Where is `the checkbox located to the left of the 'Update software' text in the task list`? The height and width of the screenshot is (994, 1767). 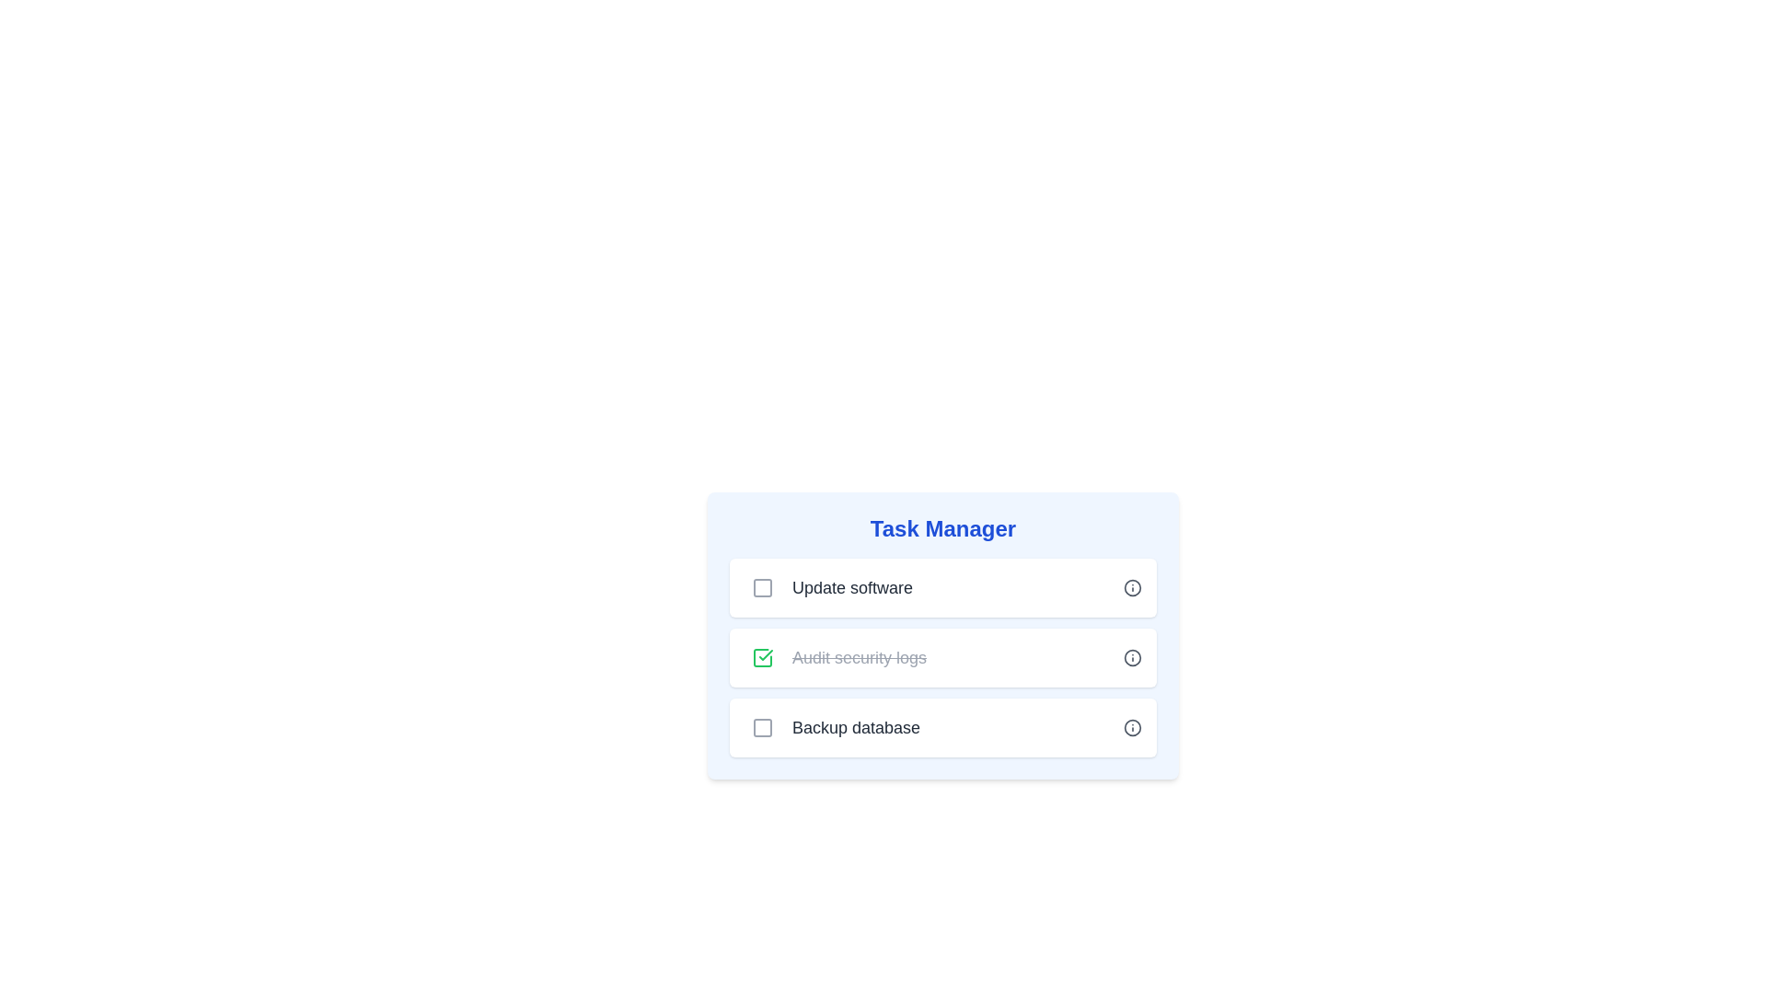 the checkbox located to the left of the 'Update software' text in the task list is located at coordinates (763, 588).